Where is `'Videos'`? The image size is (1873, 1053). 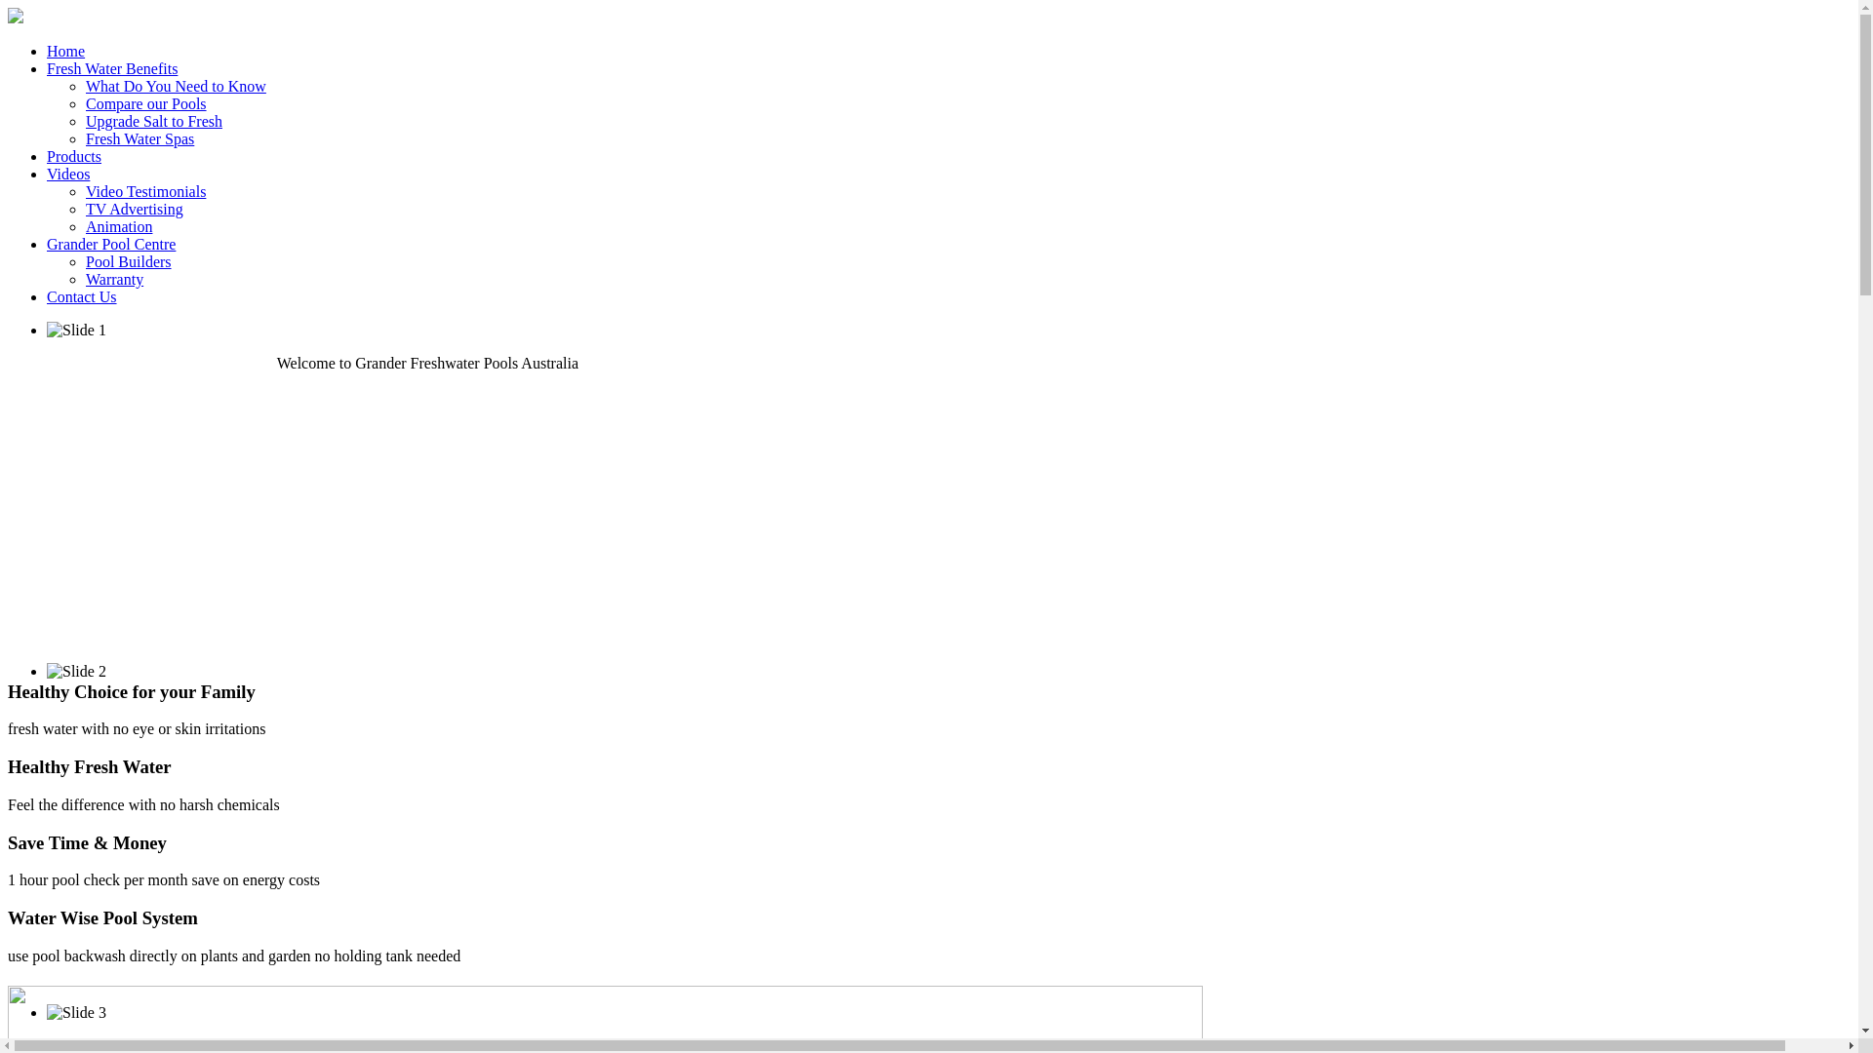
'Videos' is located at coordinates (68, 173).